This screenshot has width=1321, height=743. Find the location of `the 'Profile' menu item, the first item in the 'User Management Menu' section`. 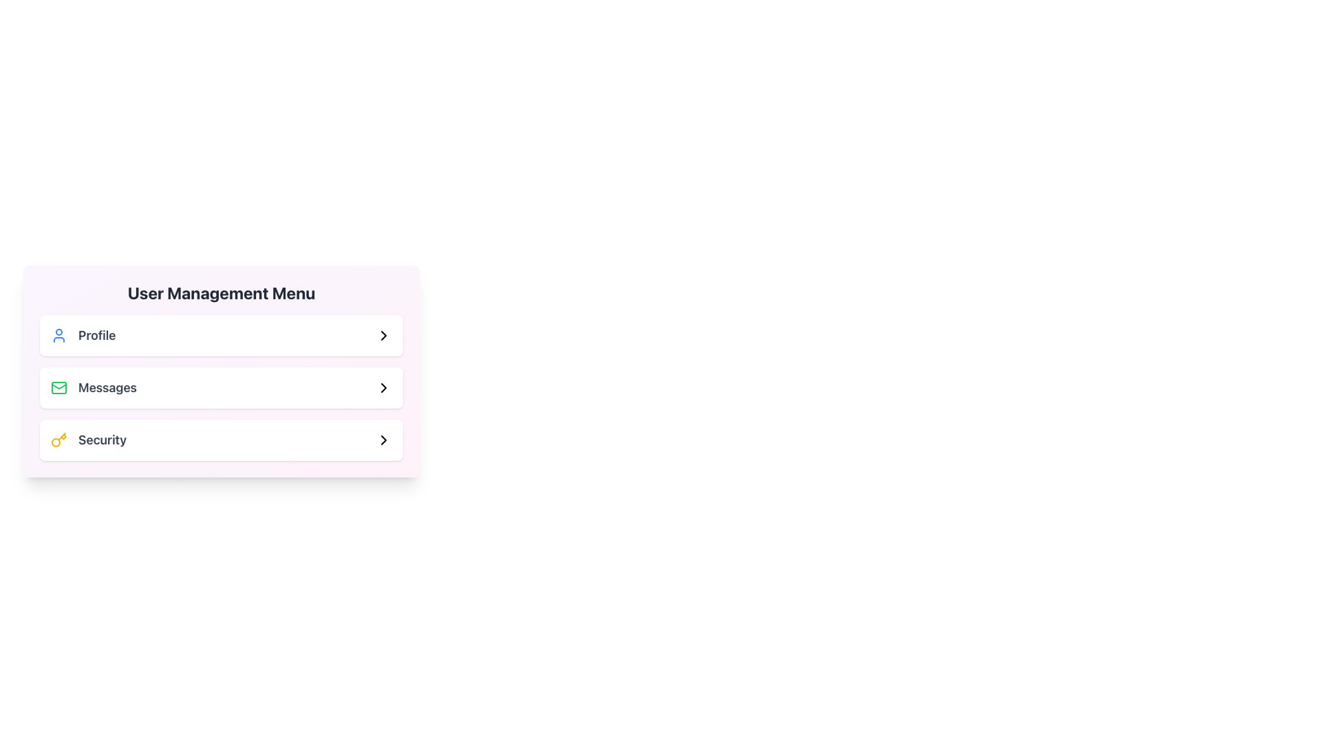

the 'Profile' menu item, the first item in the 'User Management Menu' section is located at coordinates (221, 336).